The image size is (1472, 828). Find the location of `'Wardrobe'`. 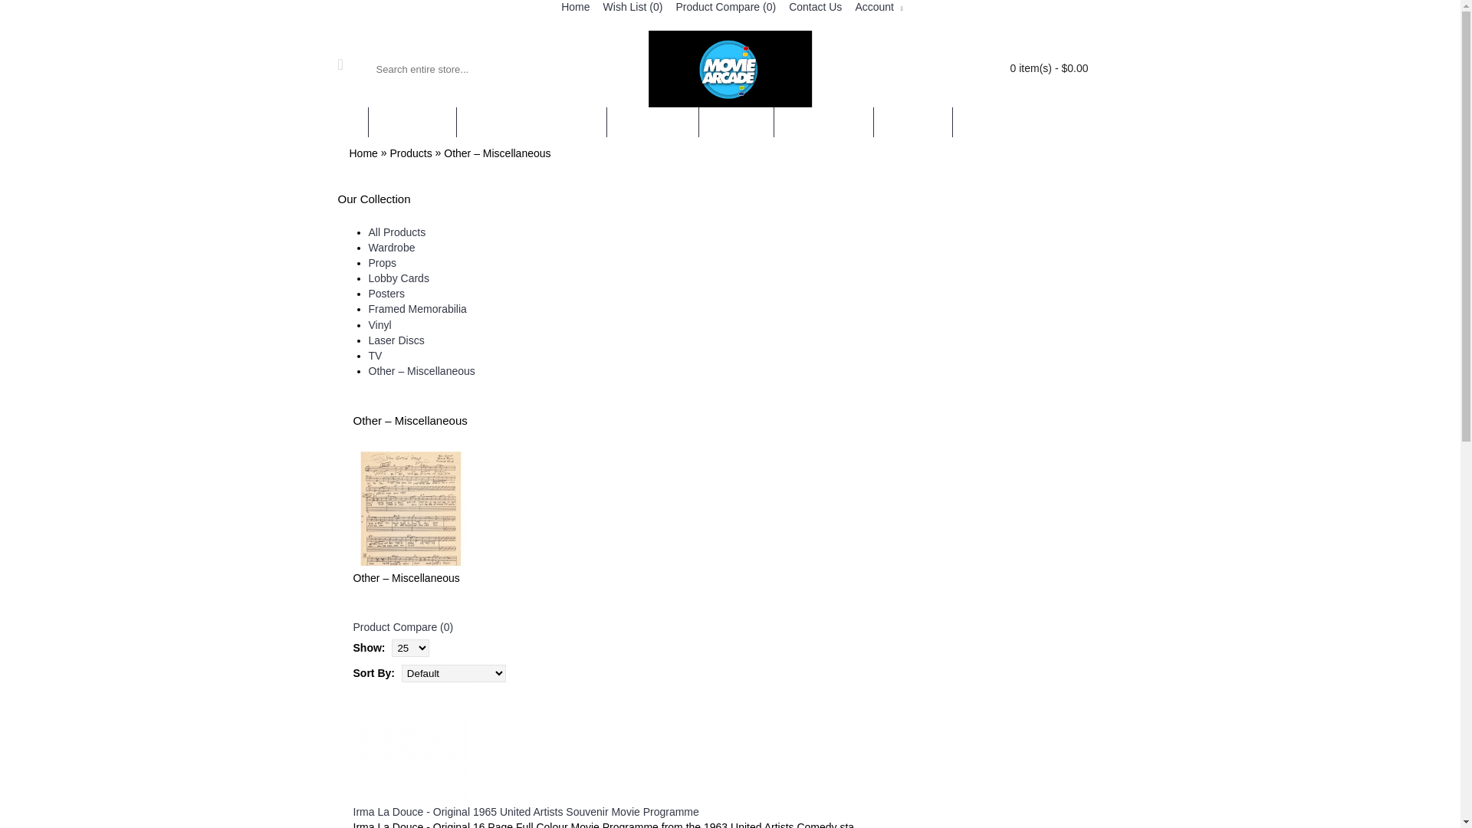

'Wardrobe' is located at coordinates (391, 247).